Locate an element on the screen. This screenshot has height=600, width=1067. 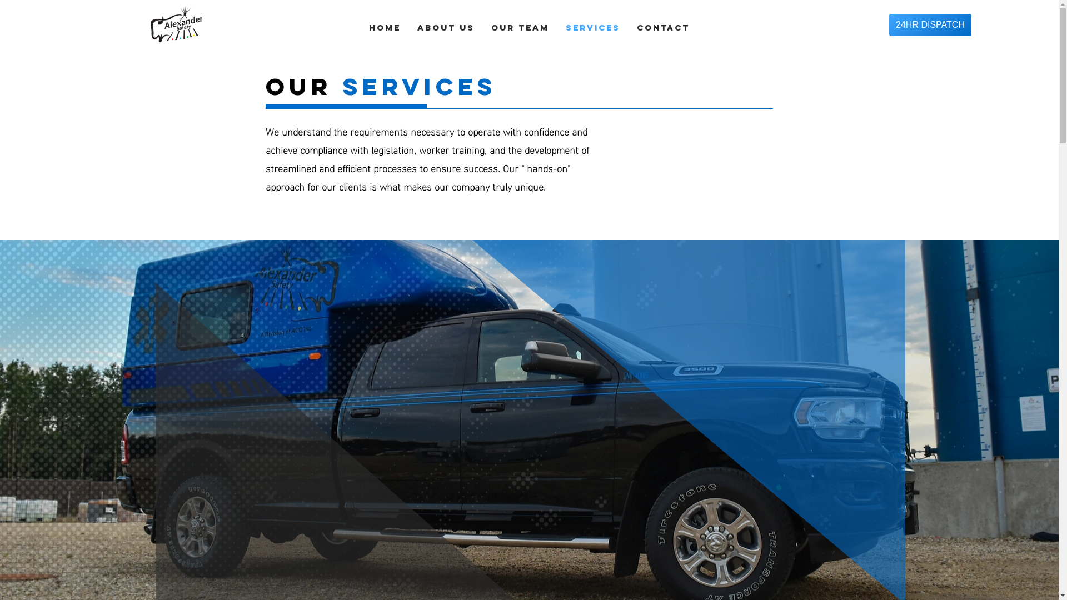
'24HR DISPATCH' is located at coordinates (930, 25).